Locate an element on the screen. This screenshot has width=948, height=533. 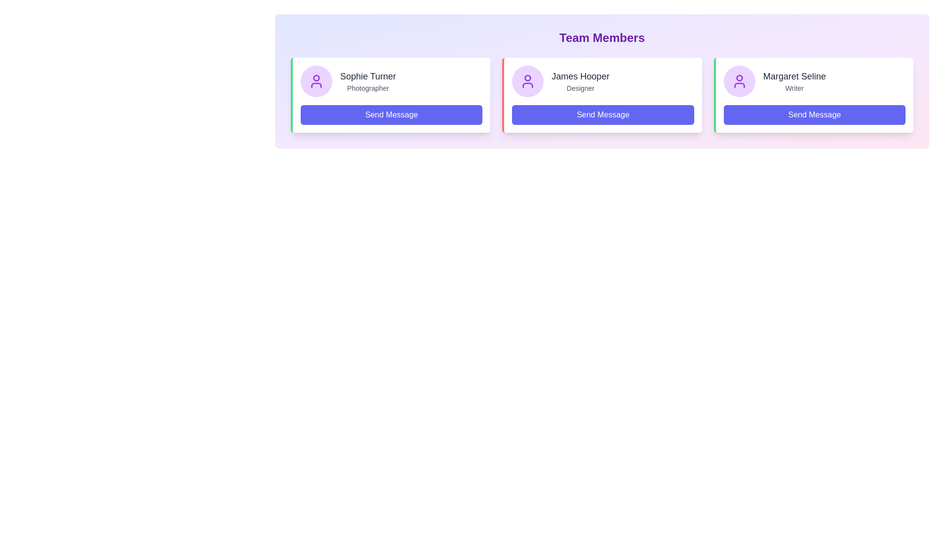
the SVG Circle that represents a head in the user icon, located in the top region of the leftmost profile card in the 'Team Members' section is located at coordinates (316, 77).